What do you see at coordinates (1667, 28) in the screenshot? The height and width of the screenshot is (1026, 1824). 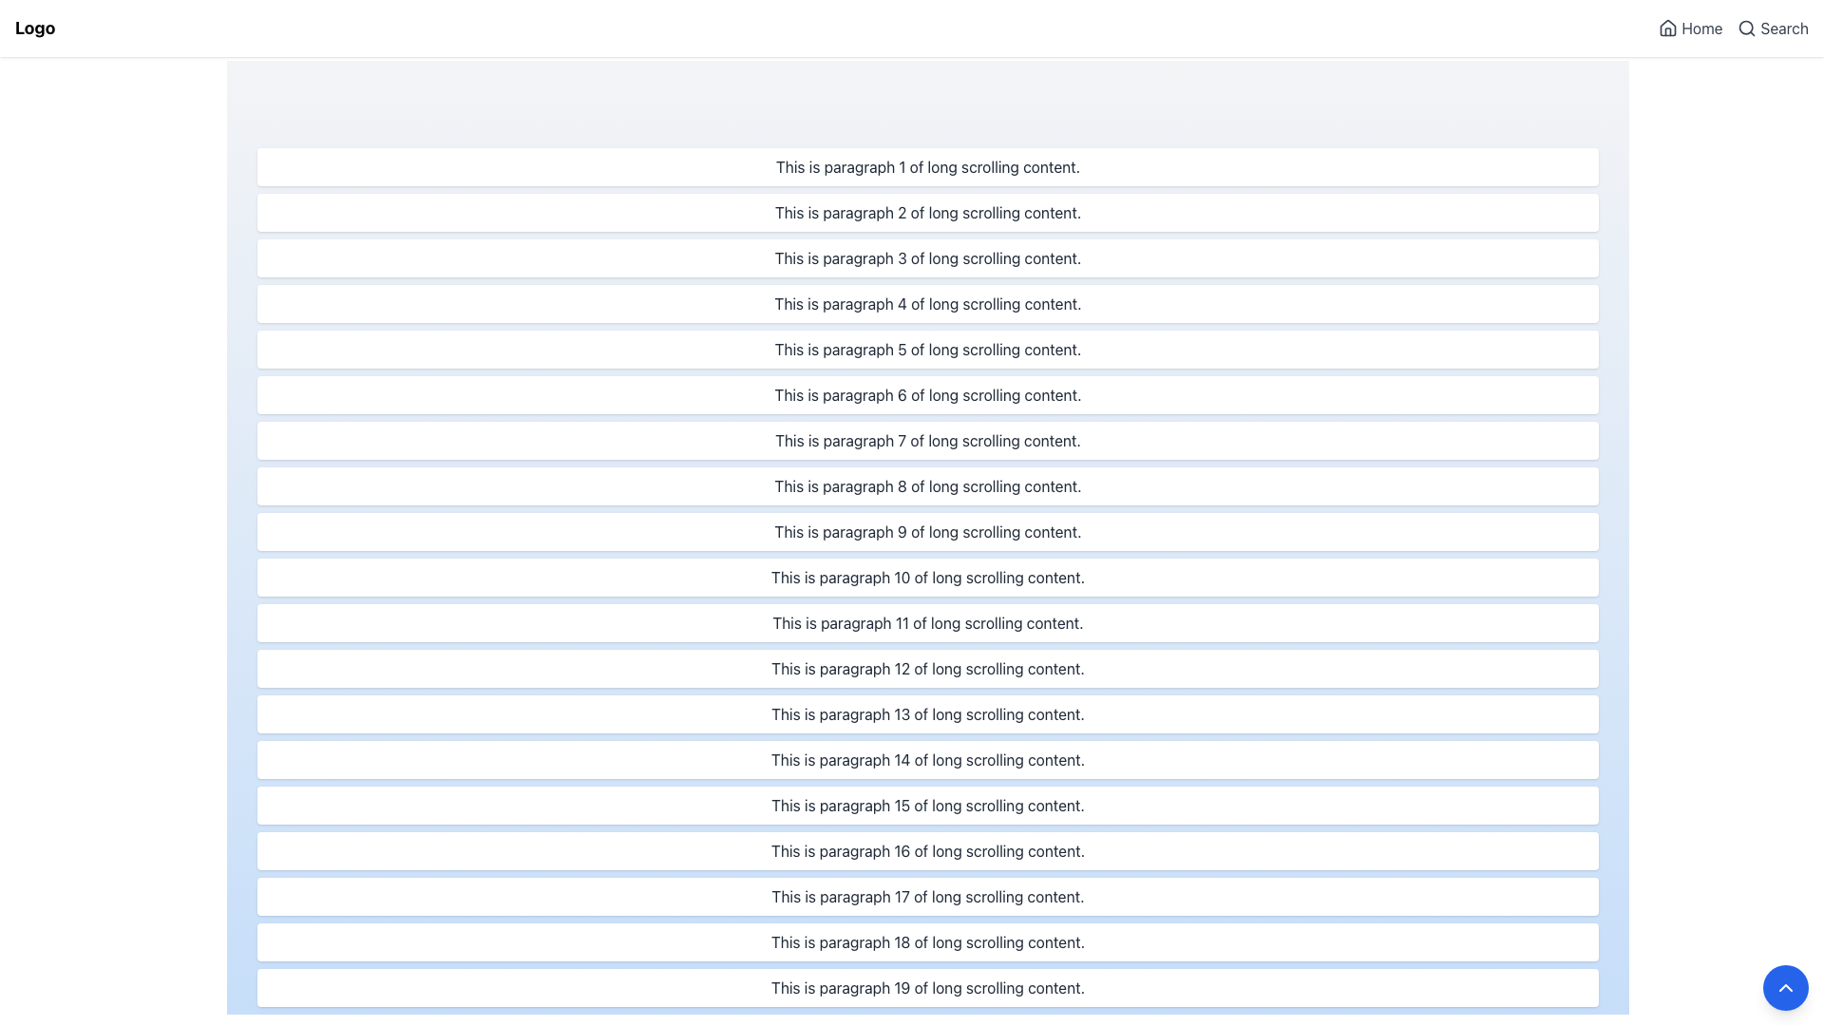 I see `the home icon located in the top-right corner of the page header` at bounding box center [1667, 28].